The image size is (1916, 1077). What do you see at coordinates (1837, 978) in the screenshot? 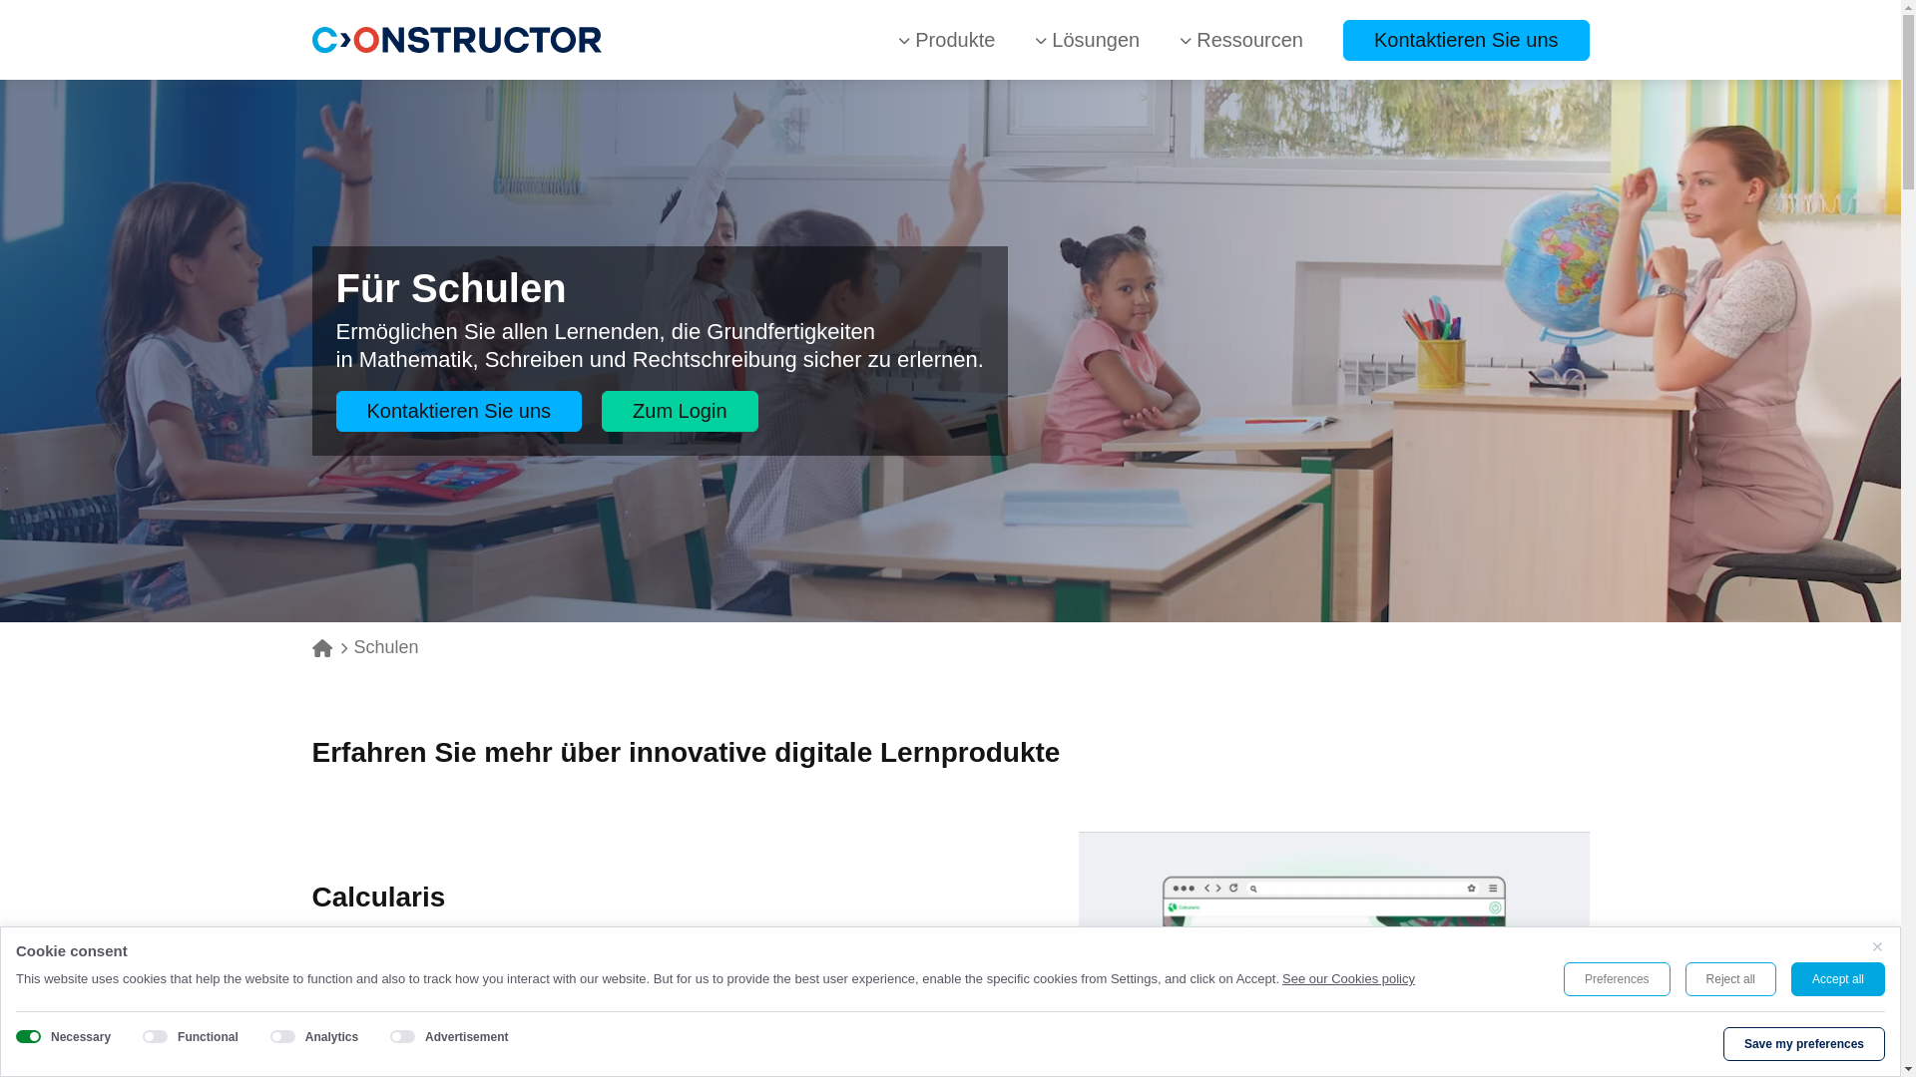
I see `'Accept all'` at bounding box center [1837, 978].